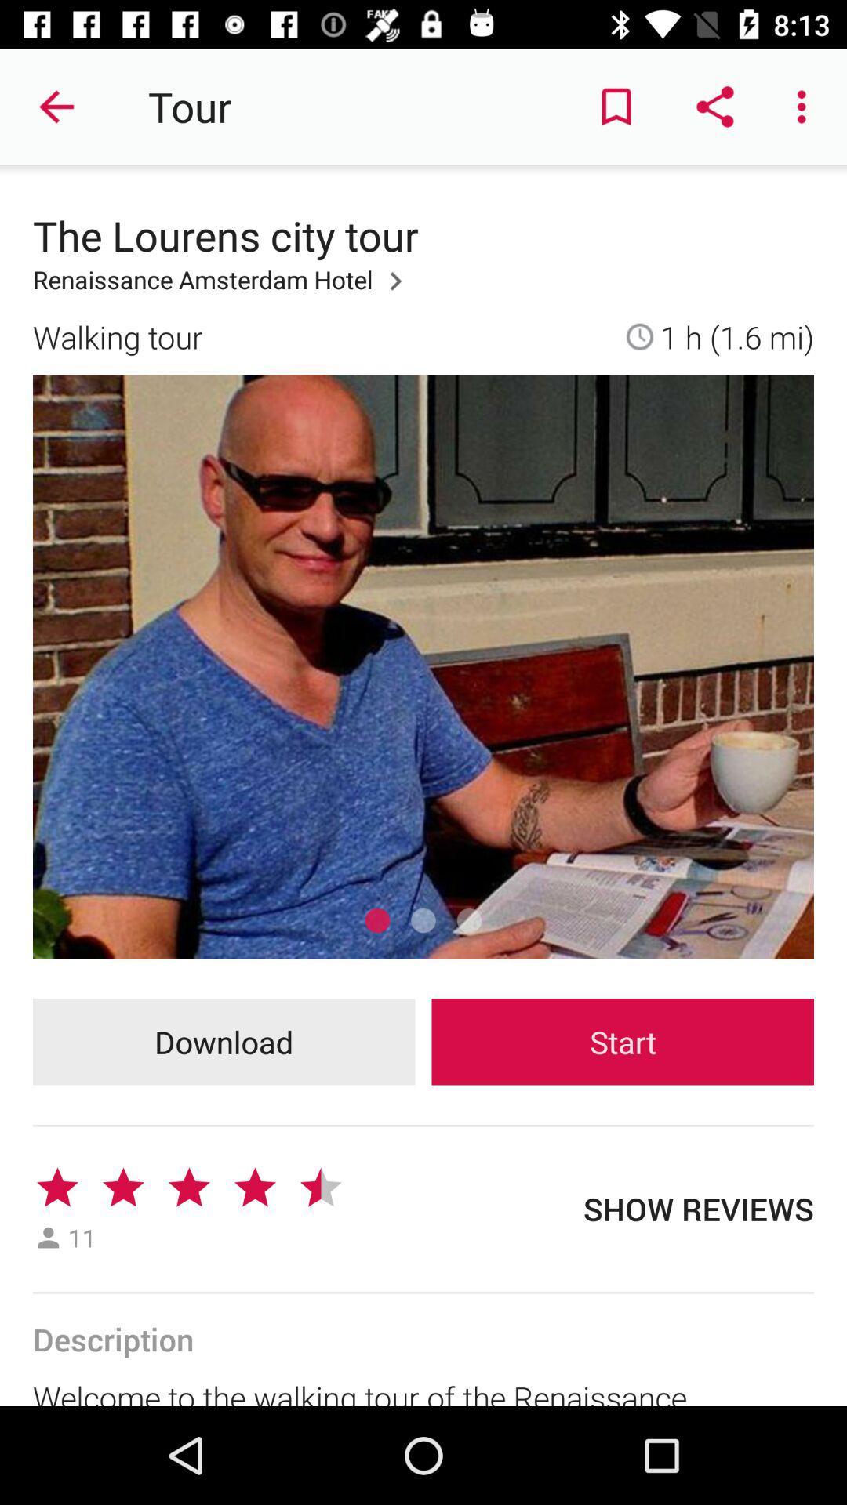 The image size is (847, 1505). I want to click on return to previous page, so click(56, 106).